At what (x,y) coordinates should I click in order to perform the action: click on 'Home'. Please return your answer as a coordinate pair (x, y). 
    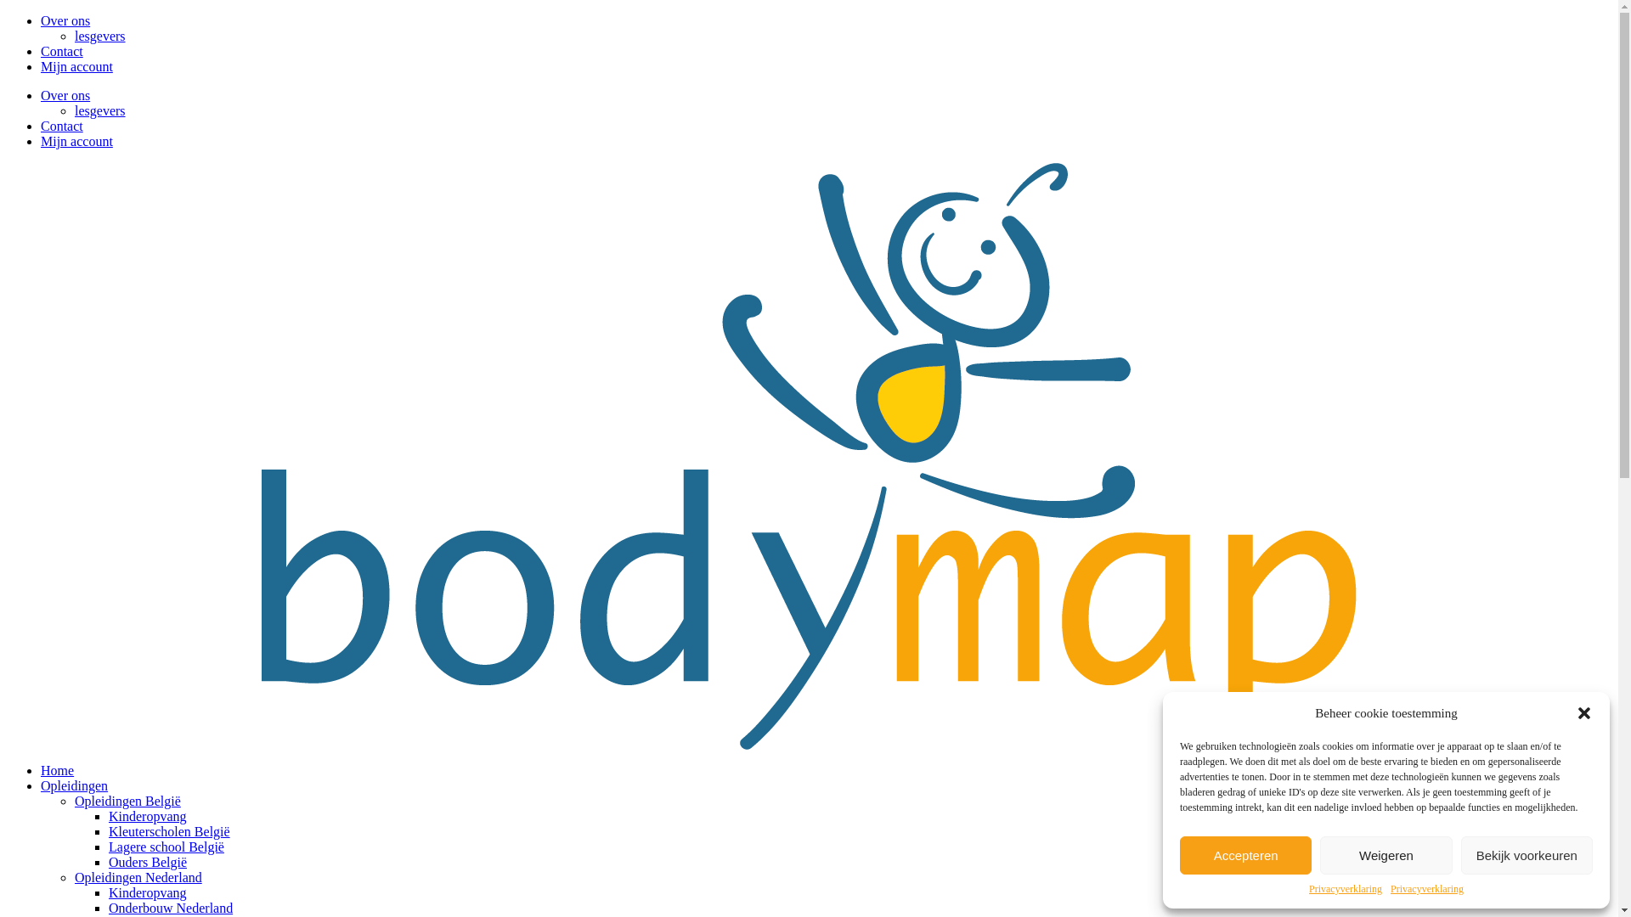
    Looking at the image, I should click on (57, 770).